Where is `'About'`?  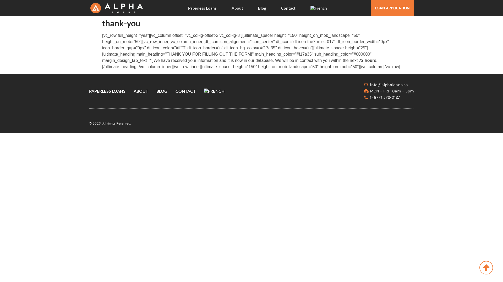 'About' is located at coordinates (237, 8).